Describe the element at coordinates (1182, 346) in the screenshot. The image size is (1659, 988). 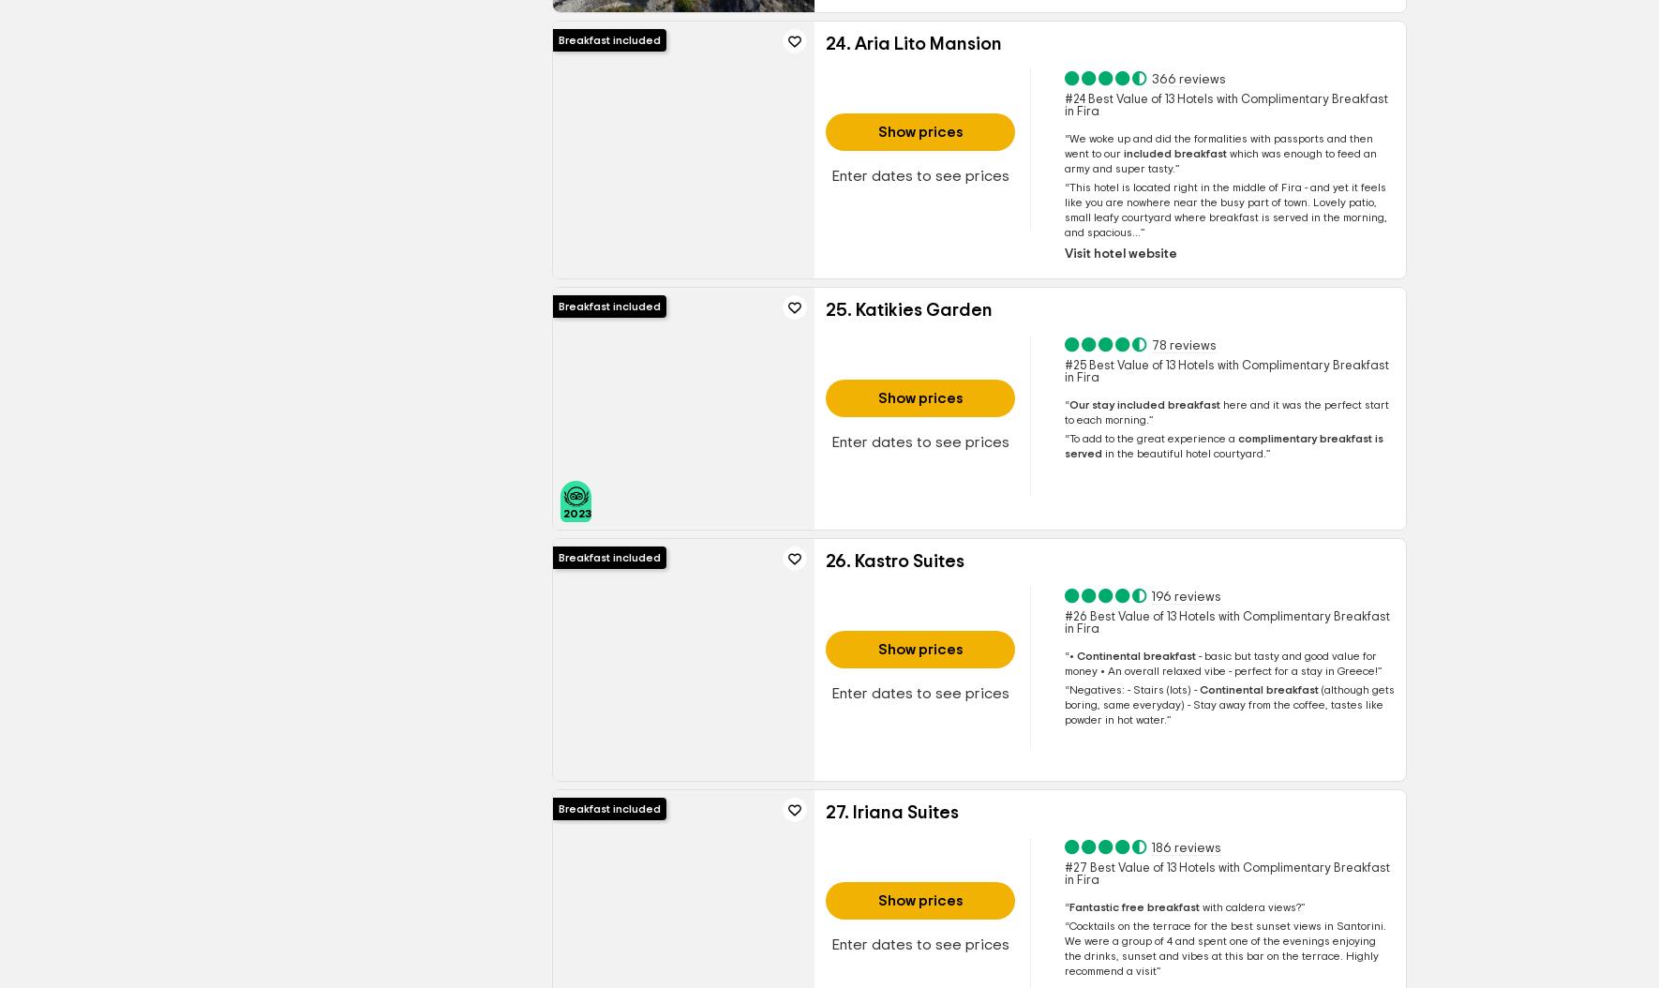
I see `'78 reviews'` at that location.